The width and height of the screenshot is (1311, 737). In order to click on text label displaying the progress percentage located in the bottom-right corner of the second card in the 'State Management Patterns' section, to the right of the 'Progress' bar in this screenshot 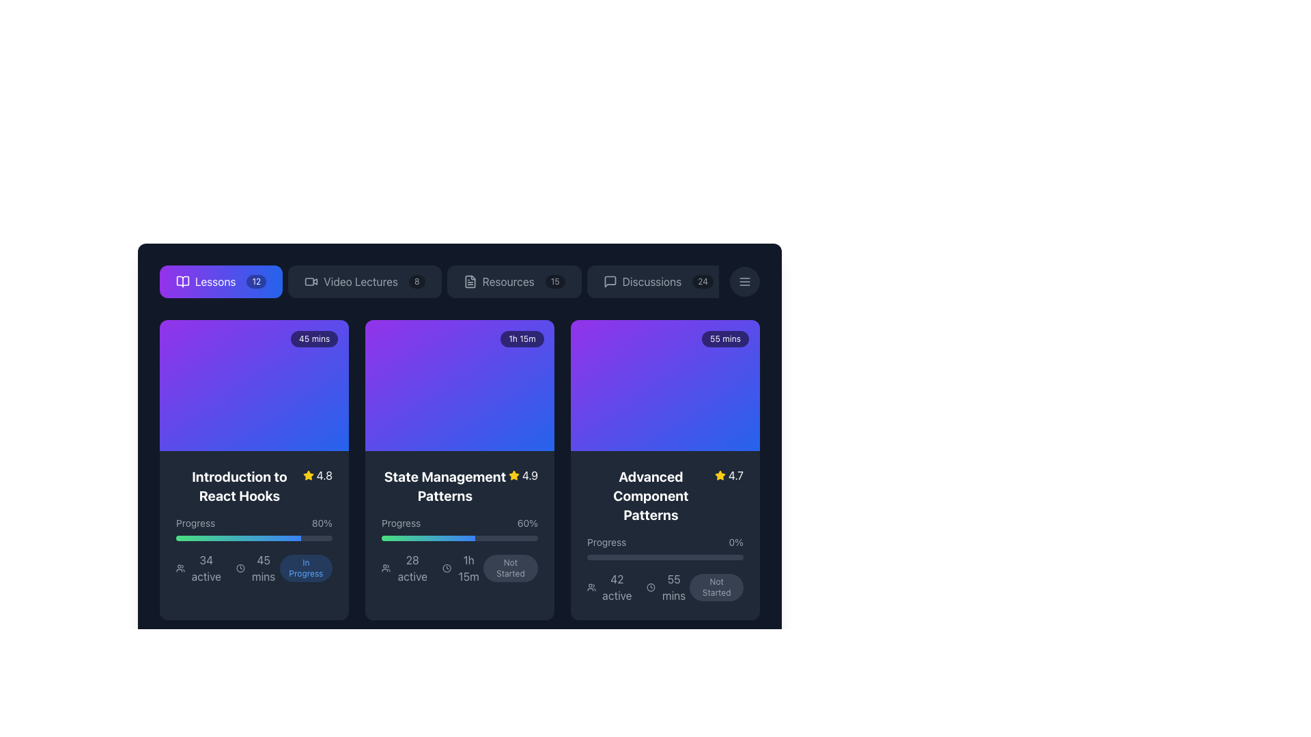, I will do `click(526, 523)`.